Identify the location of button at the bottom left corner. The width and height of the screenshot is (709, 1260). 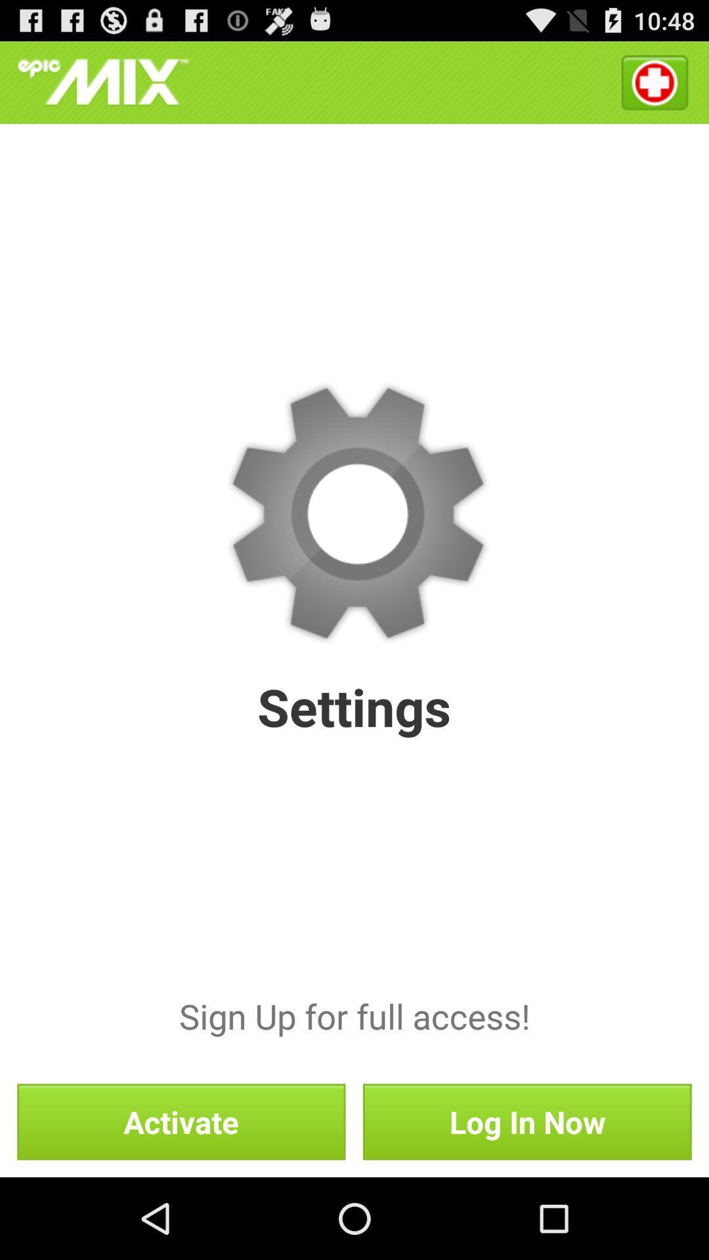
(181, 1121).